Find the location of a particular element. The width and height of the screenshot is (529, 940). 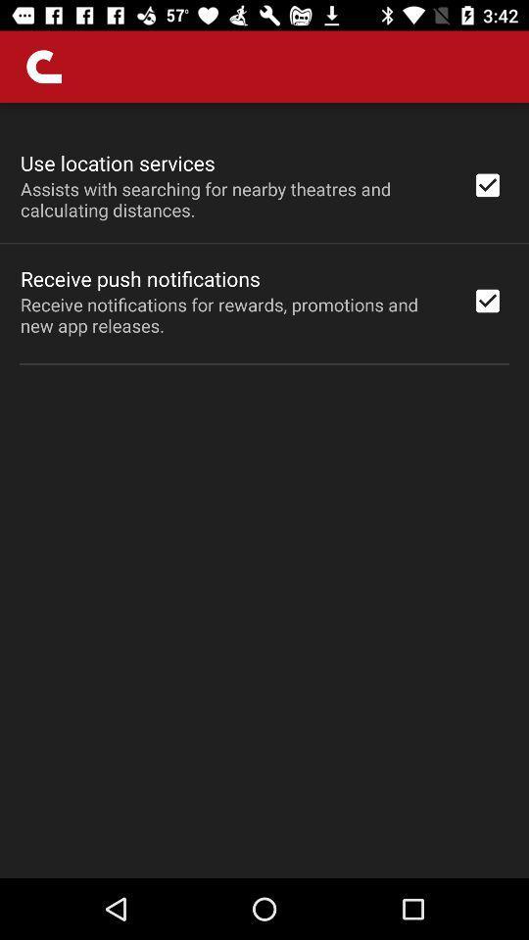

use location services is located at coordinates (118, 162).